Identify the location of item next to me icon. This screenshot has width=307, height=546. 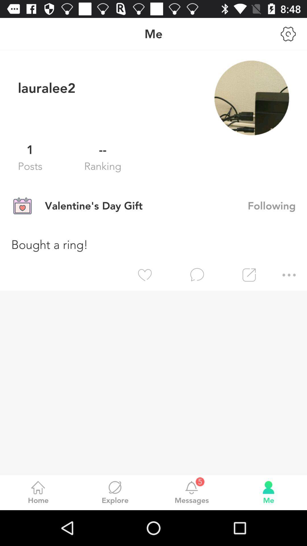
(288, 34).